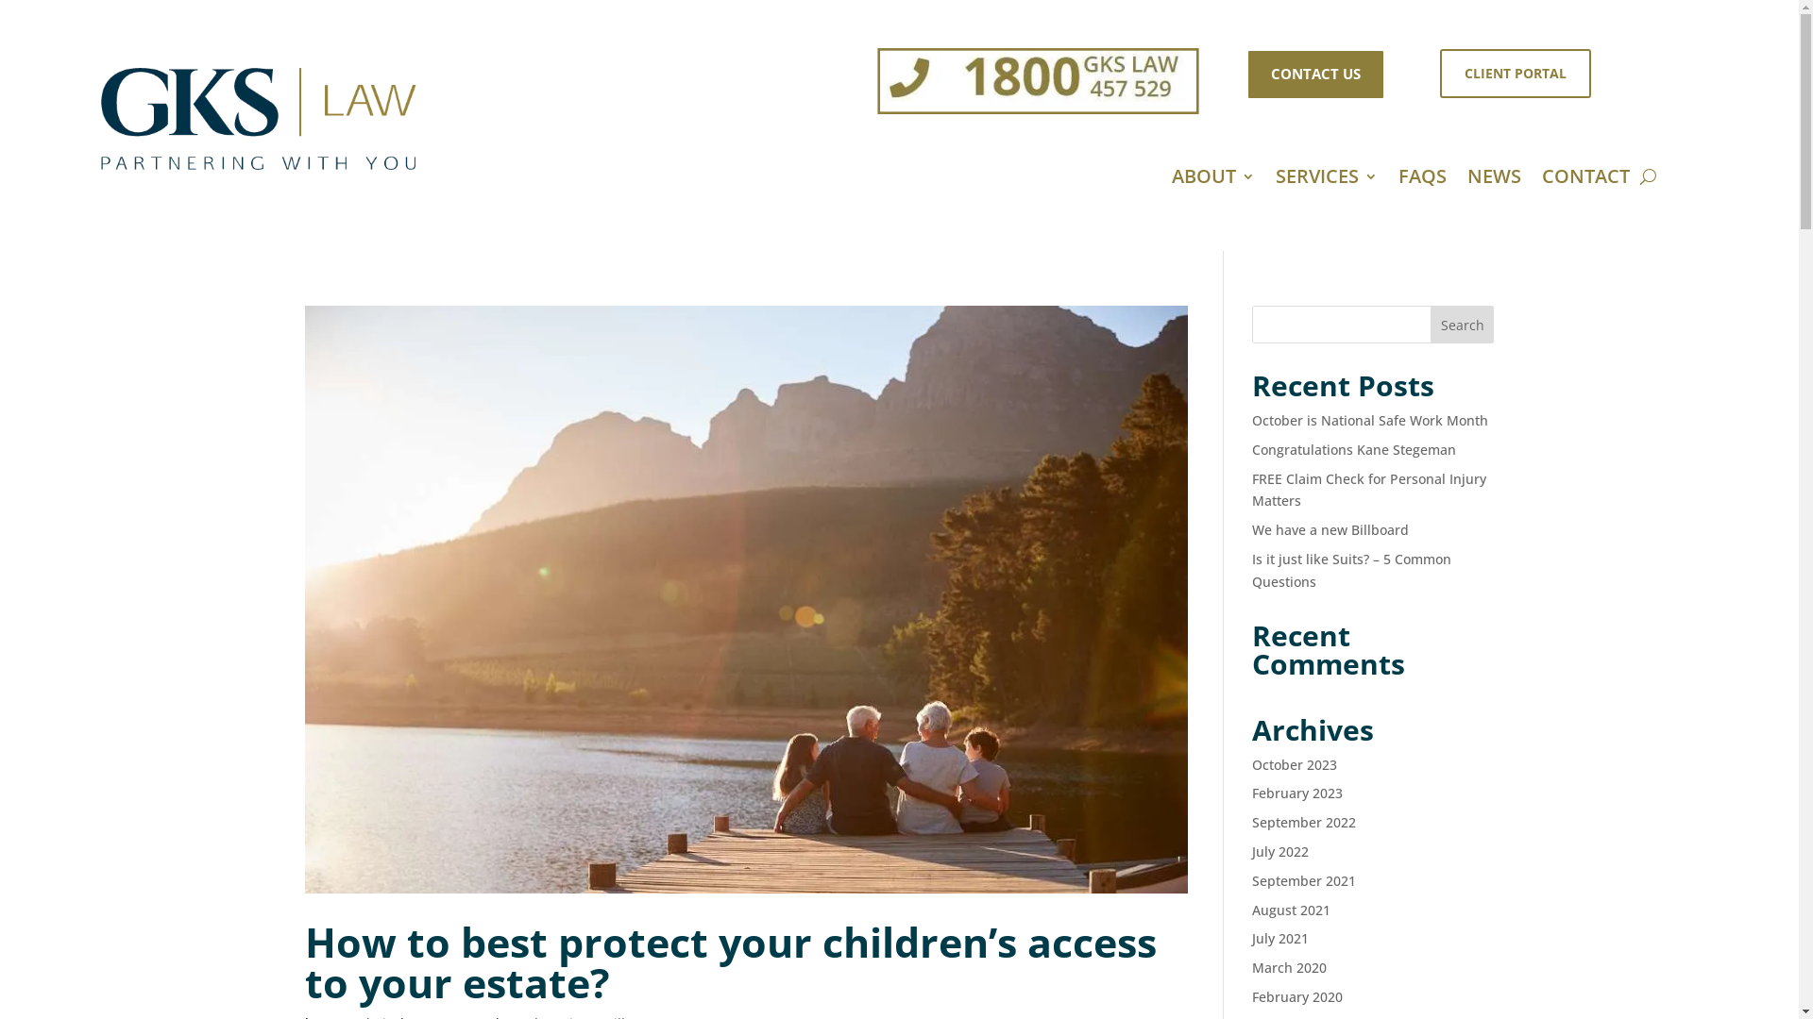 The height and width of the screenshot is (1019, 1813). What do you see at coordinates (991, 72) in the screenshot?
I see `'1800gkslaw_gold'` at bounding box center [991, 72].